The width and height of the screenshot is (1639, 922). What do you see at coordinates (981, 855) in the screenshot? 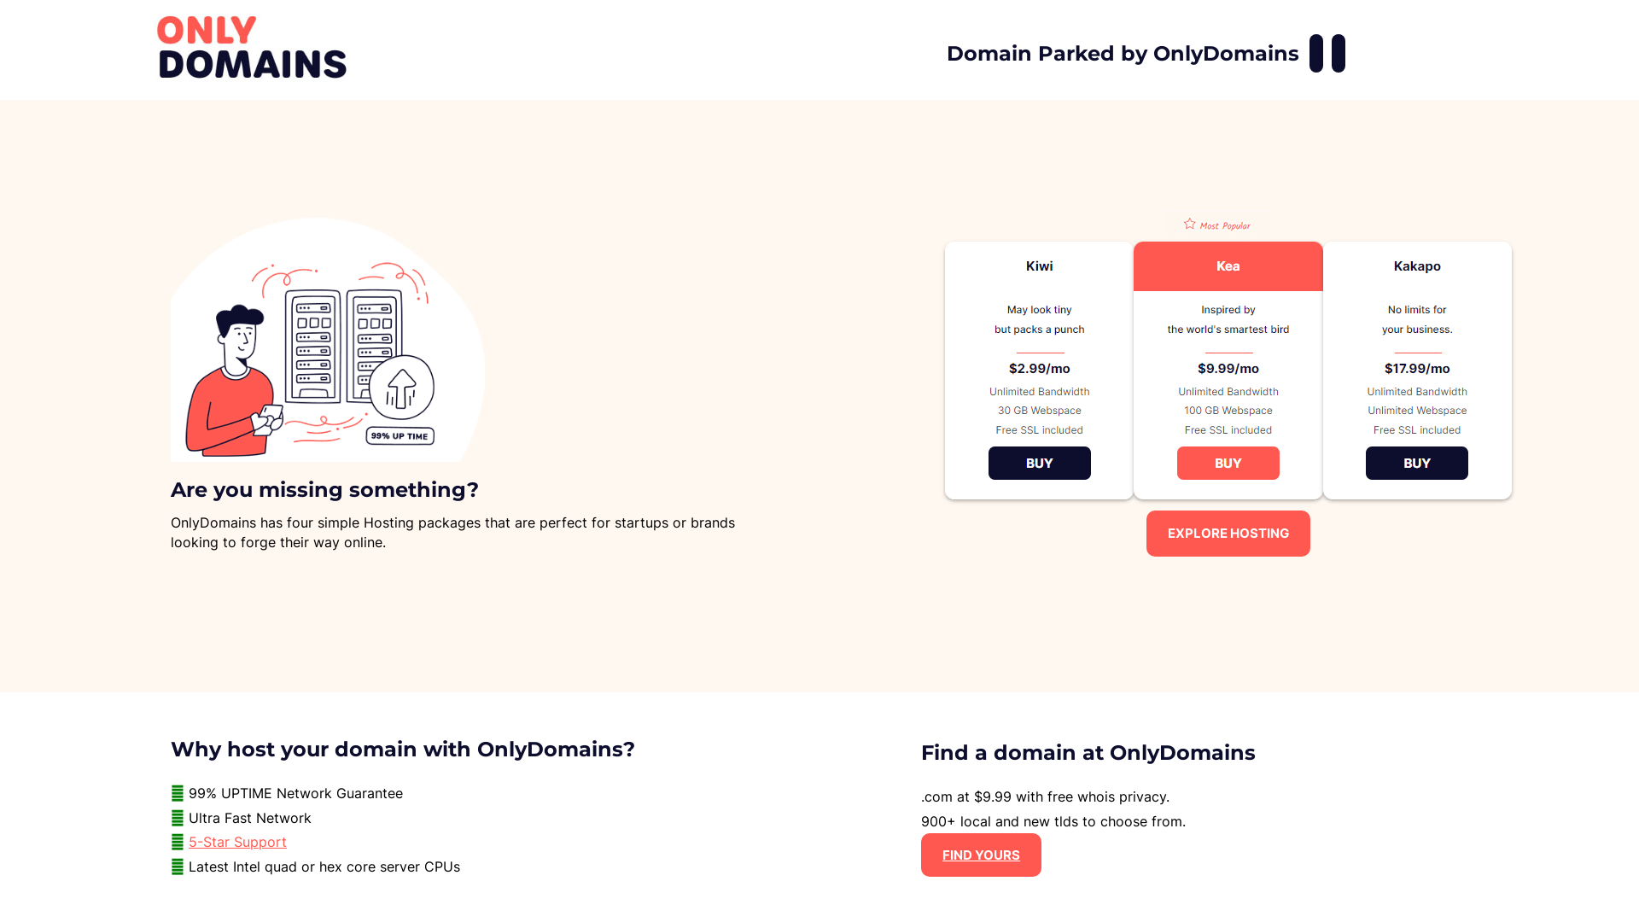
I see `'FIND YOURS'` at bounding box center [981, 855].